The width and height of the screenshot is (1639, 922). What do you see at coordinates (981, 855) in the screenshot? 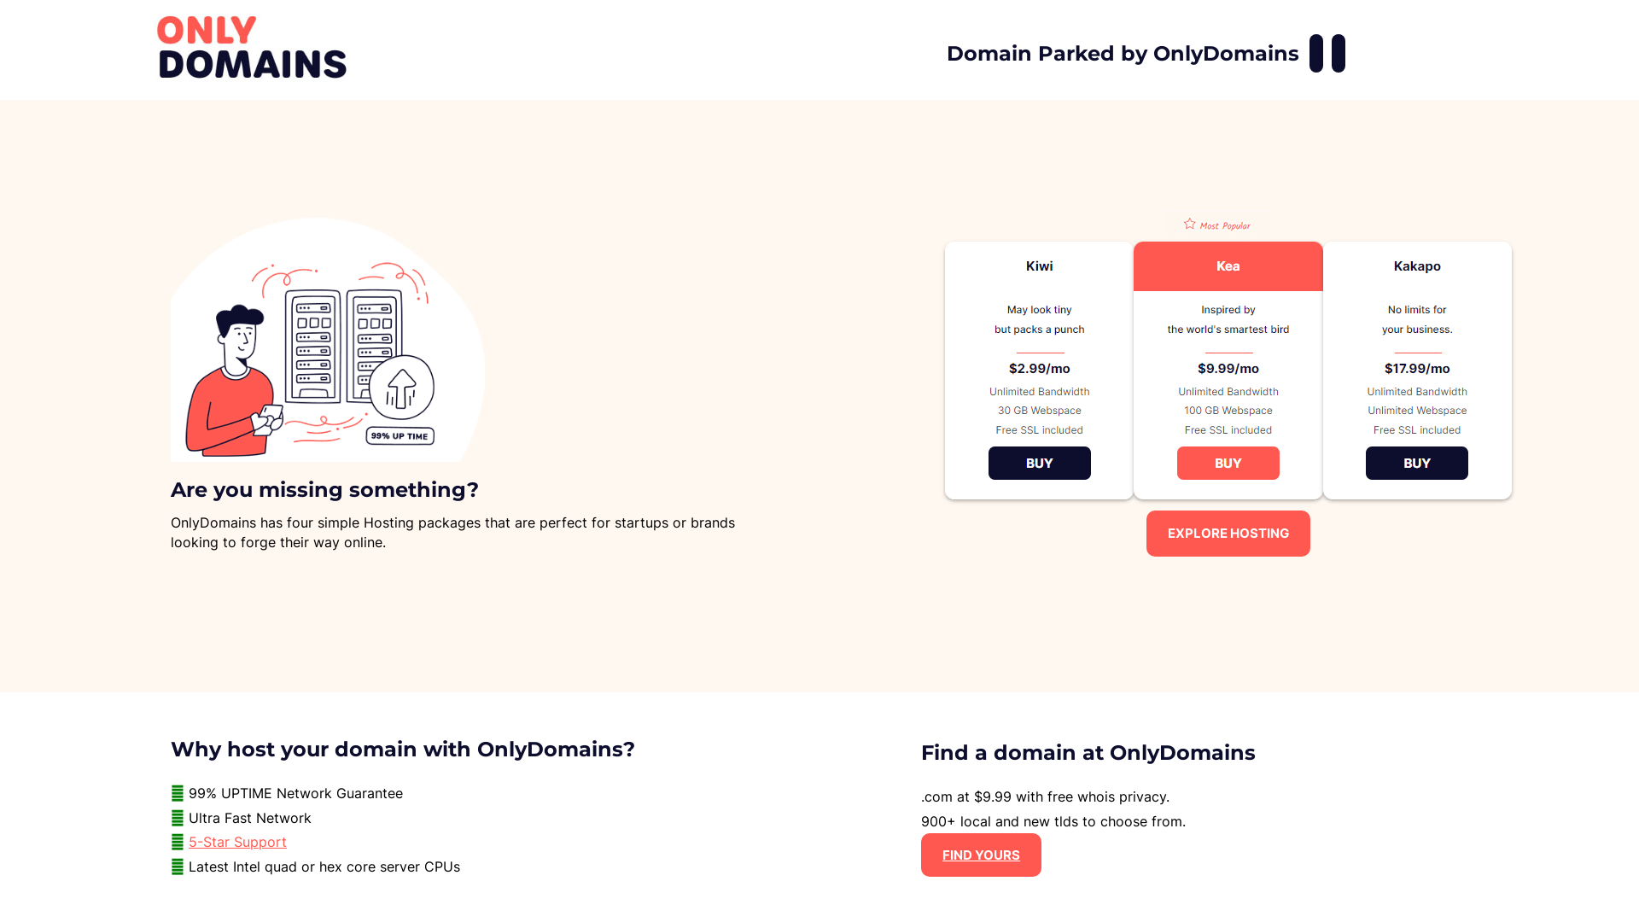
I see `'FIND YOURS'` at bounding box center [981, 855].